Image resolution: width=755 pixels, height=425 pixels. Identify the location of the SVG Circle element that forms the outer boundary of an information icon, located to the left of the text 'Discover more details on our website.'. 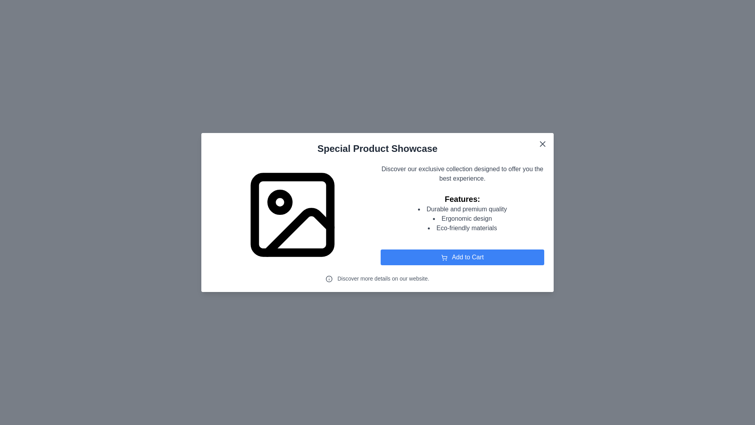
(329, 279).